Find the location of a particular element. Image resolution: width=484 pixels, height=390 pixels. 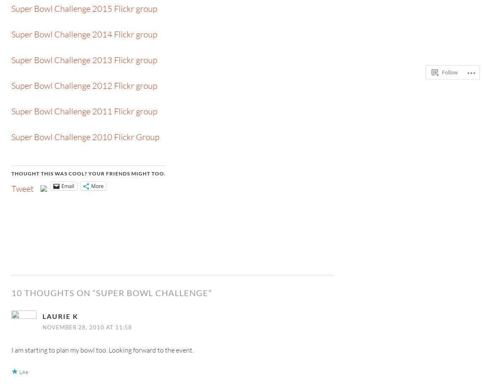

'More' is located at coordinates (97, 185).